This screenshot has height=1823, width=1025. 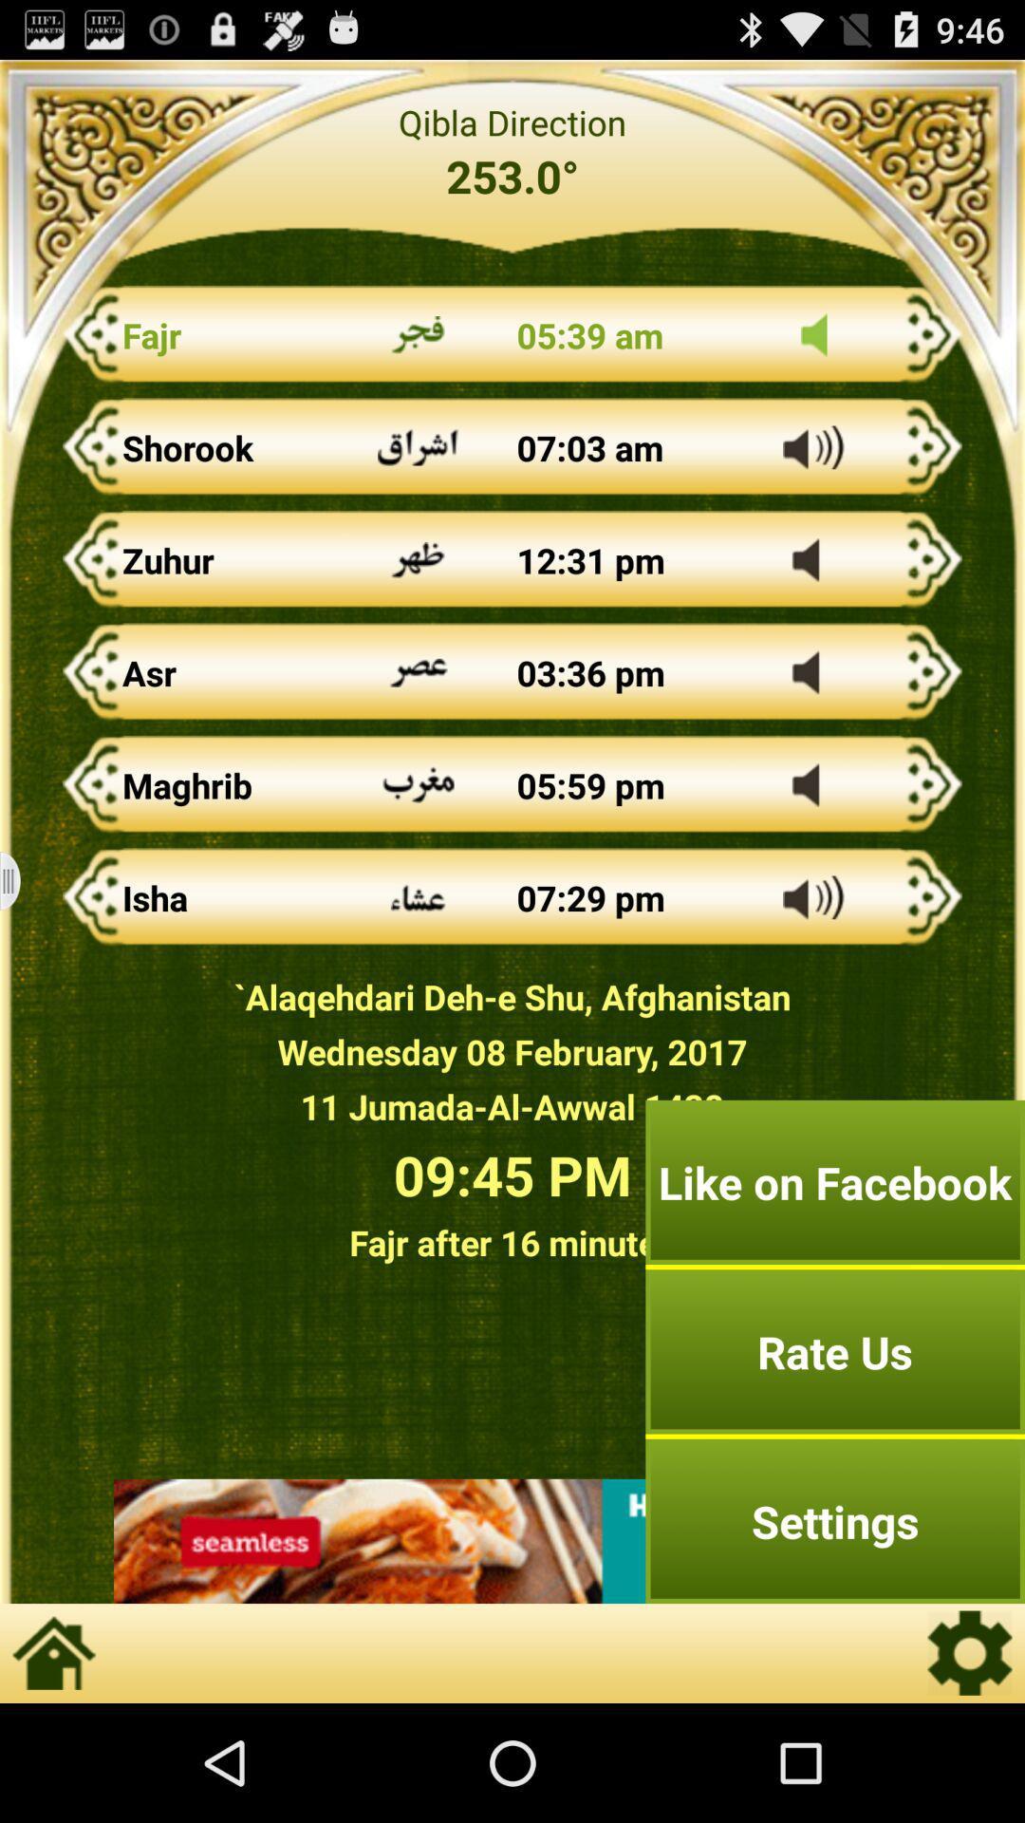 I want to click on the menu icon, so click(x=22, y=943).